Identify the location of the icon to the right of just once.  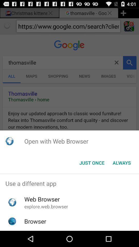
(121, 163).